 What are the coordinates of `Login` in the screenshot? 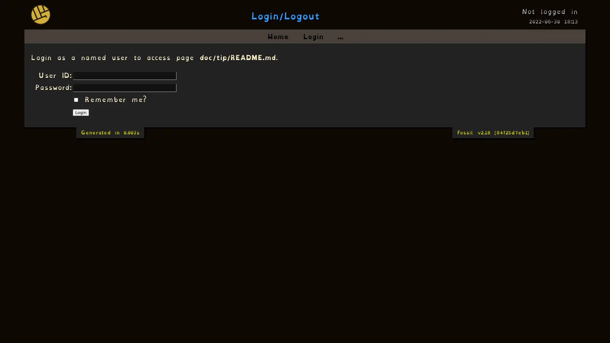 It's located at (80, 112).